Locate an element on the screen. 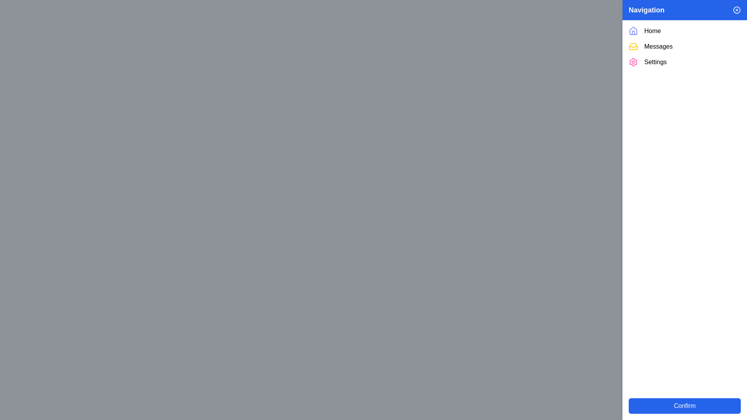  the bold, large-sized static text label reading 'Navigation' in white, which is positioned within a blue rectangular bar at the top-left section of the header is located at coordinates (646, 10).